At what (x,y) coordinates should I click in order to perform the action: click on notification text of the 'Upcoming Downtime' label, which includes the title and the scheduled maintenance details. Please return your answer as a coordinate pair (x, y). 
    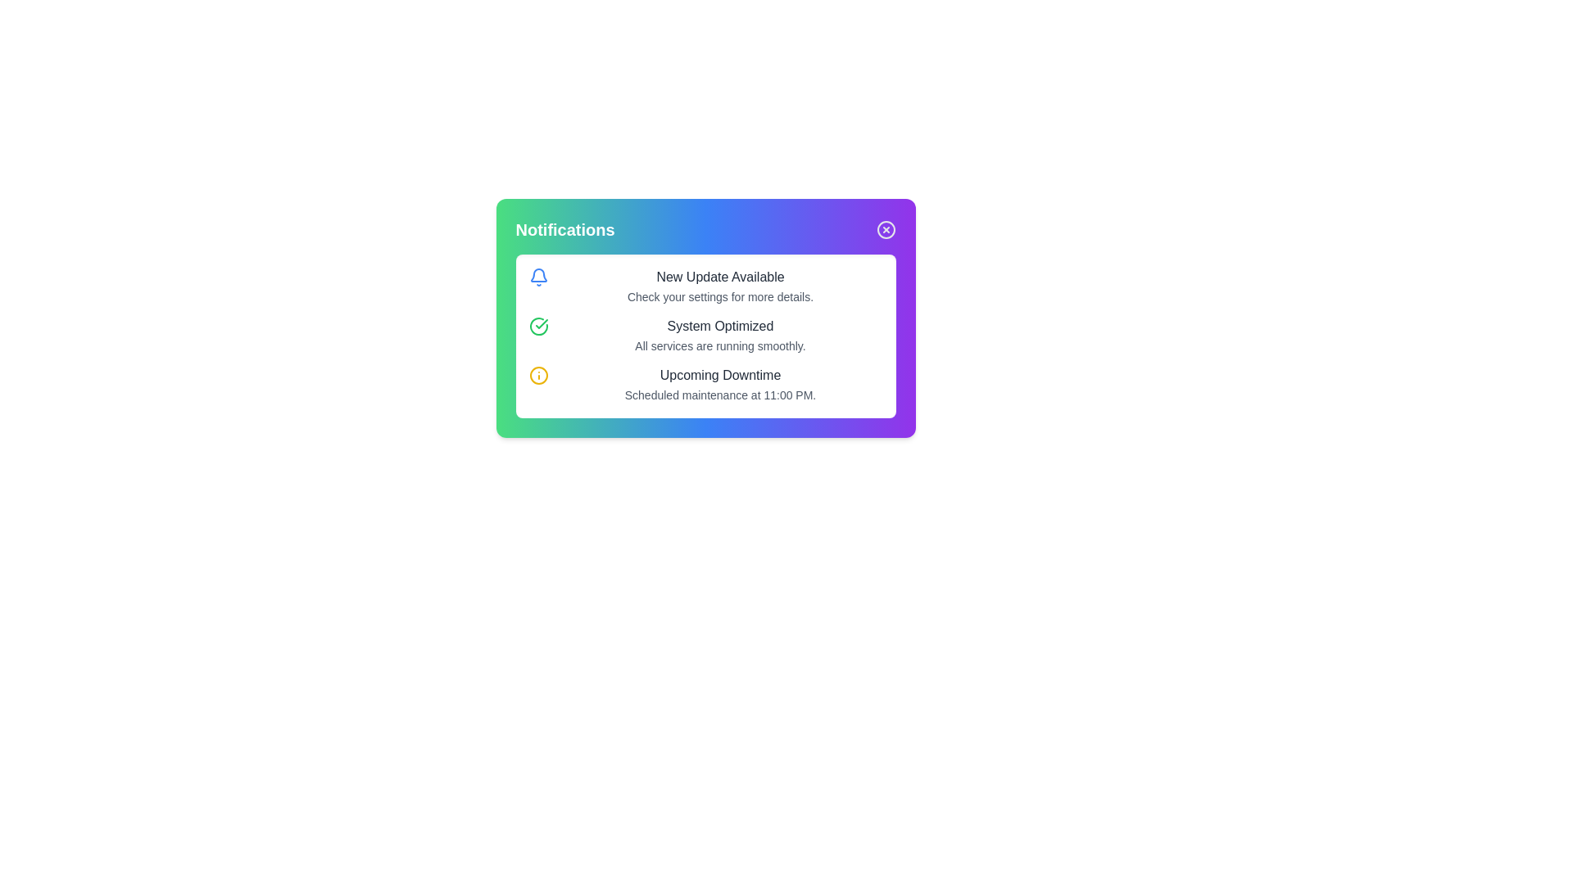
    Looking at the image, I should click on (720, 385).